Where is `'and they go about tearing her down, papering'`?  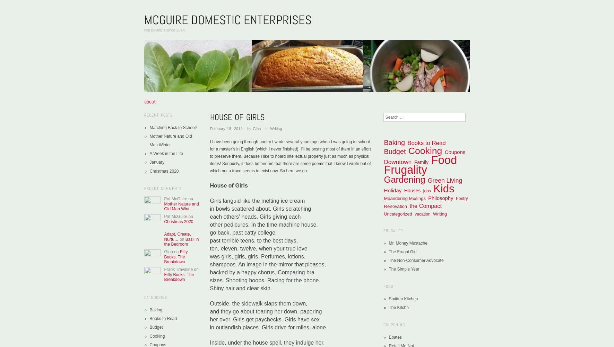
'and they go about tearing her down, papering' is located at coordinates (265, 311).